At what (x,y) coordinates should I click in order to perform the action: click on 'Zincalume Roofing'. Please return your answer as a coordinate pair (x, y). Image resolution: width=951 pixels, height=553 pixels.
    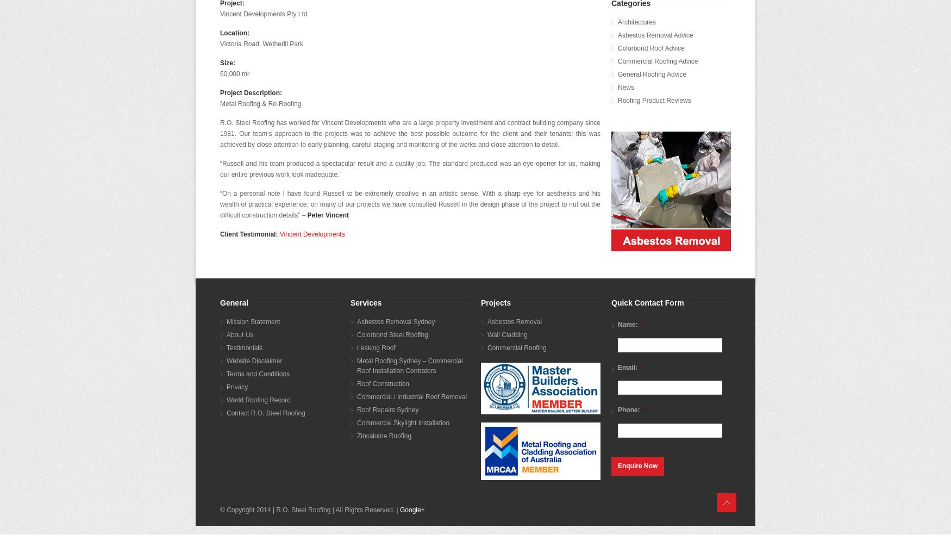
    Looking at the image, I should click on (384, 434).